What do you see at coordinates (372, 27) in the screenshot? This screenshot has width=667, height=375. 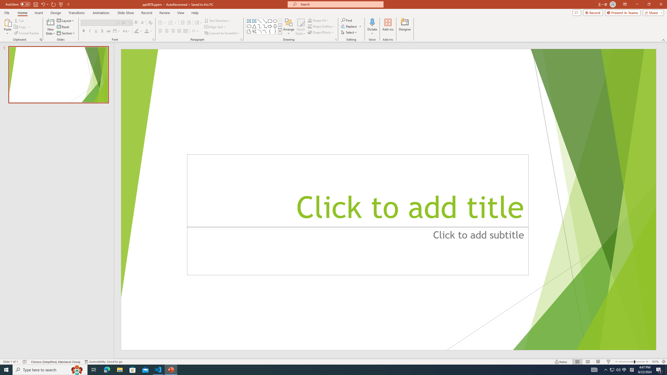 I see `'Dictate'` at bounding box center [372, 27].